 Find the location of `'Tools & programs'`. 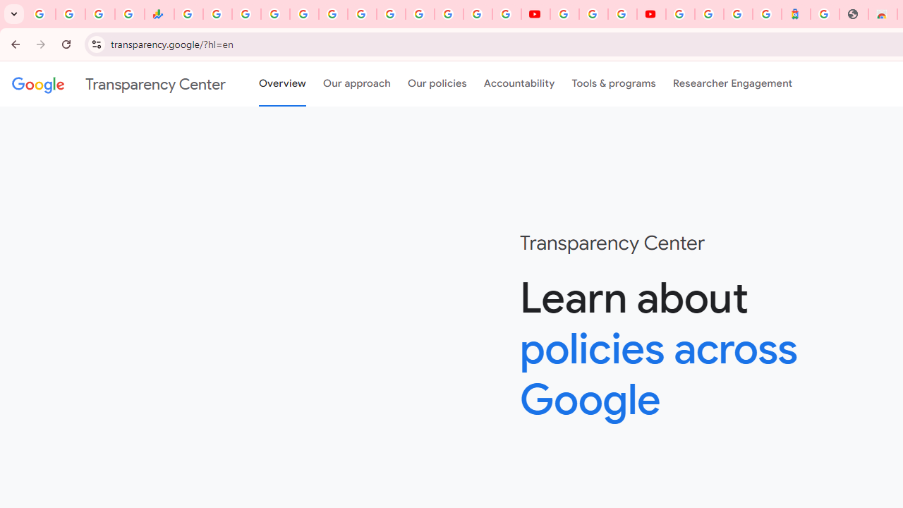

'Tools & programs' is located at coordinates (613, 84).